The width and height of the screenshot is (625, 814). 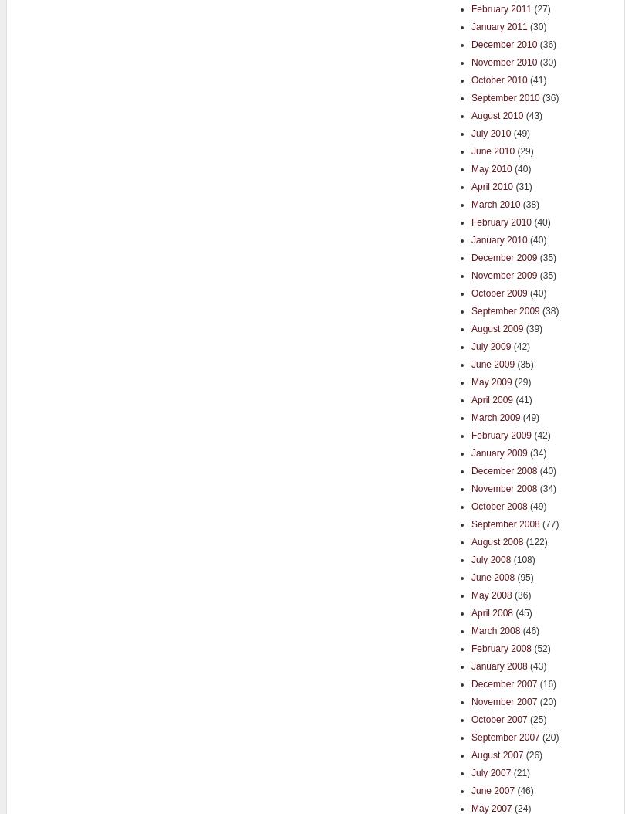 What do you see at coordinates (470, 736) in the screenshot?
I see `'September 2007'` at bounding box center [470, 736].